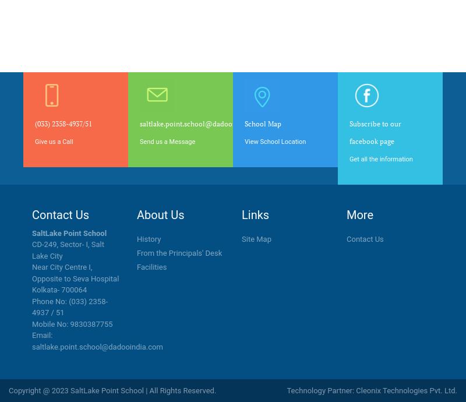 The height and width of the screenshot is (402, 466). What do you see at coordinates (59, 290) in the screenshot?
I see `'Kolkata- 700064'` at bounding box center [59, 290].